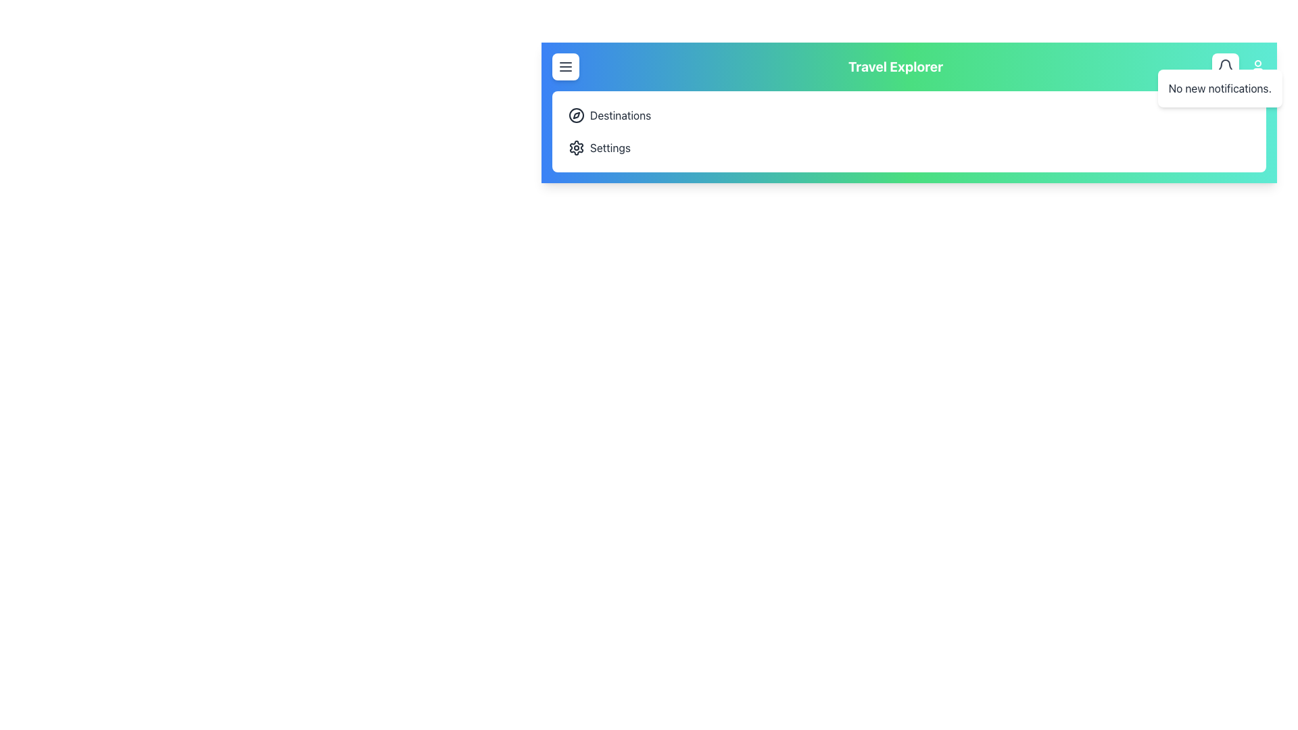 The height and width of the screenshot is (730, 1298). Describe the element at coordinates (577, 148) in the screenshot. I see `the settings icon located in the secondary navigation menu below the 'Travel Explorer' header, which is the second item labeled 'Settings'` at that location.